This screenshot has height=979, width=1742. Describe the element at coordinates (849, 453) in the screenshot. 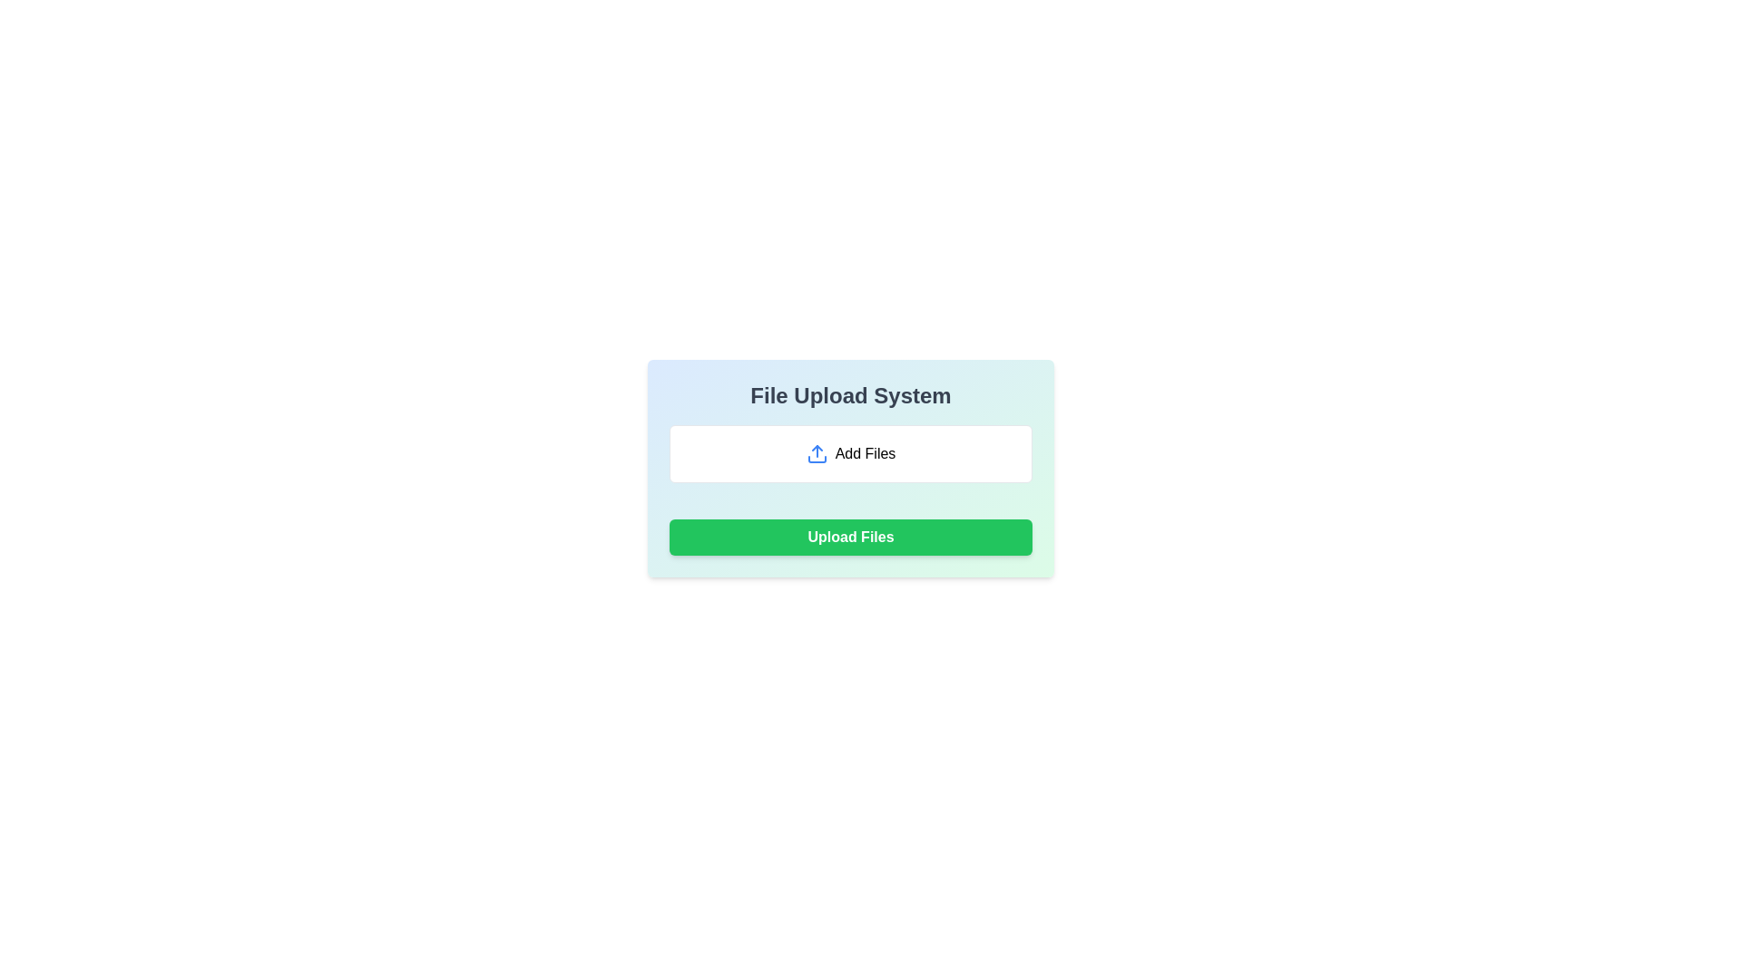

I see `the 'Add Files' button, which is a rounded button with a white background and a blue upload icon on the left` at that location.